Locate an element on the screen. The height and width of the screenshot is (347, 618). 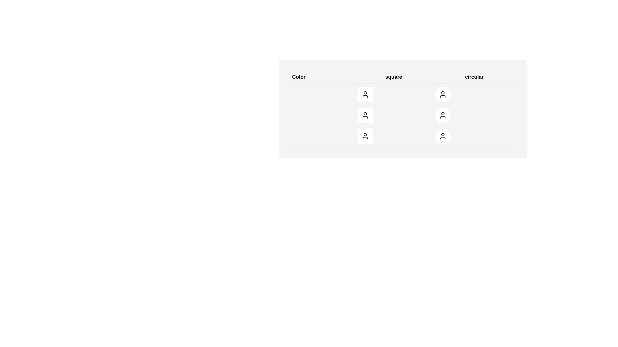
the Circular indicator located in the third row under the 'Color' column is located at coordinates (297, 136).